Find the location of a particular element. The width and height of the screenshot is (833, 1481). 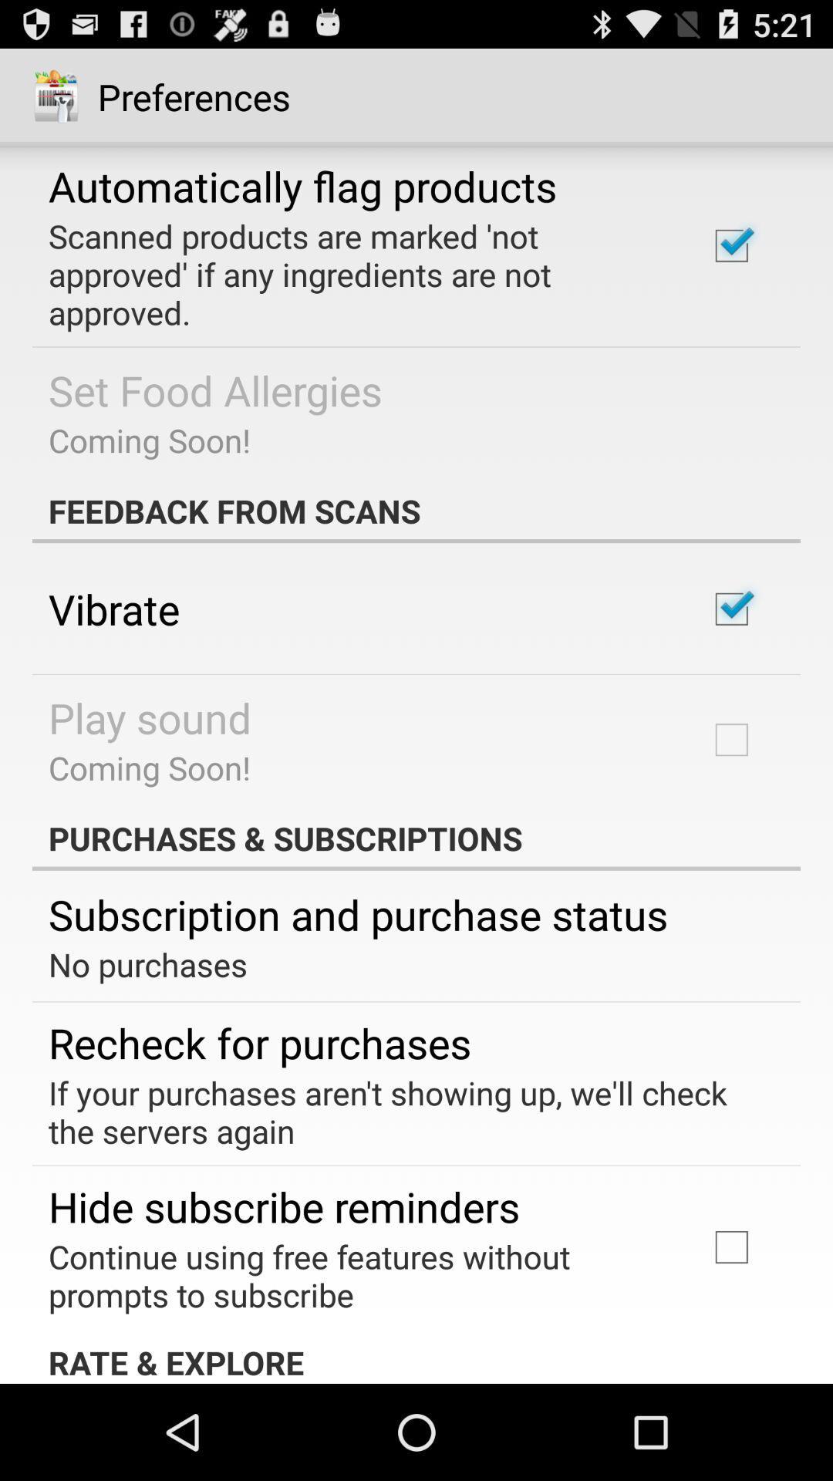

the no purchases item is located at coordinates (148, 963).